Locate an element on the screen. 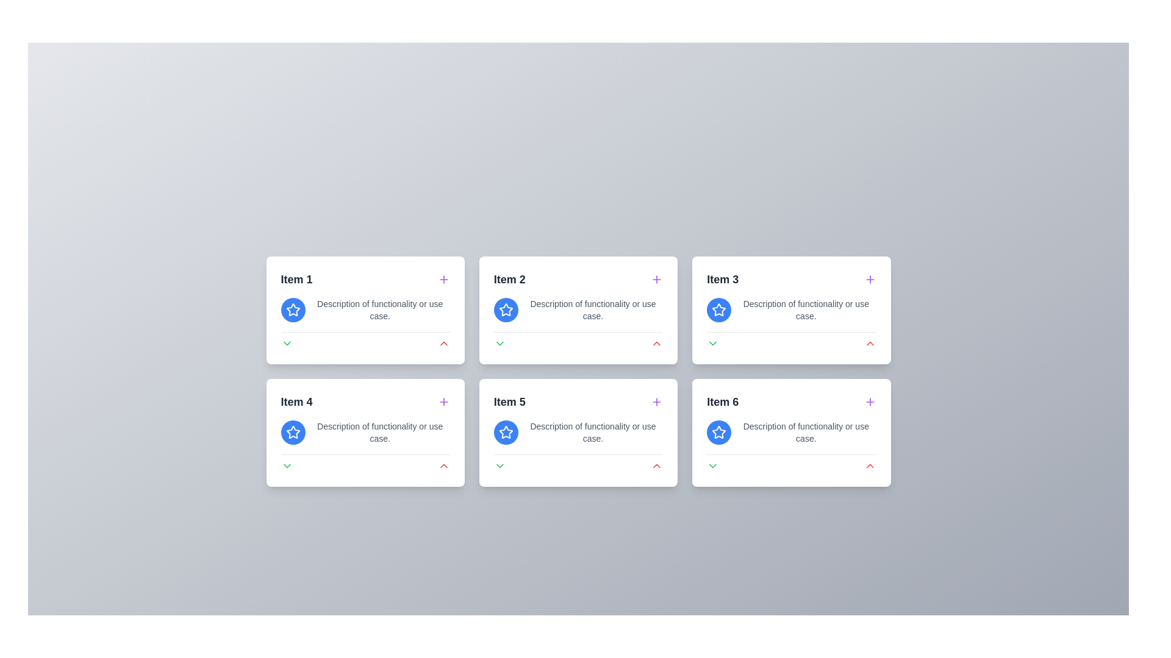 This screenshot has height=658, width=1171. the icon in the top-left section of the second row of items within the card labeled 'Item 5' to interact with it is located at coordinates (506, 431).